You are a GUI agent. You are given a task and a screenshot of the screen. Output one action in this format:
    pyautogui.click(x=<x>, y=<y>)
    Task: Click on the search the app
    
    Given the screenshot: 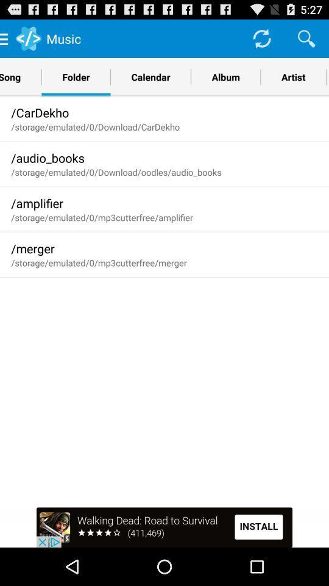 What is the action you would take?
    pyautogui.click(x=306, y=38)
    